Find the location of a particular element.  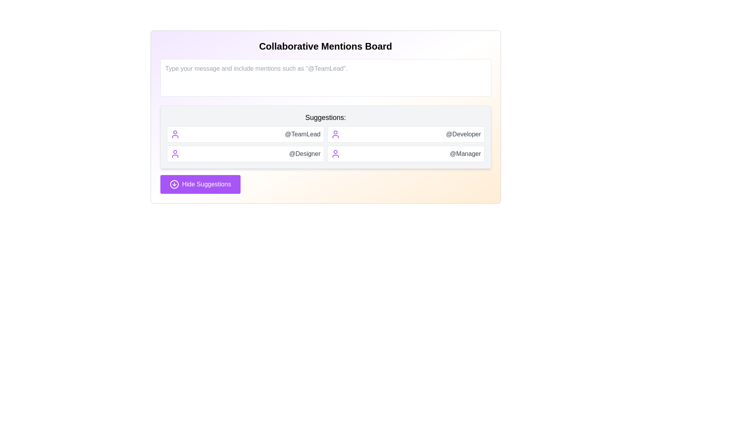

the user profile icon with a purple outline, which is located to the left of the '@TeamLead' text in the suggestions section is located at coordinates (174, 134).